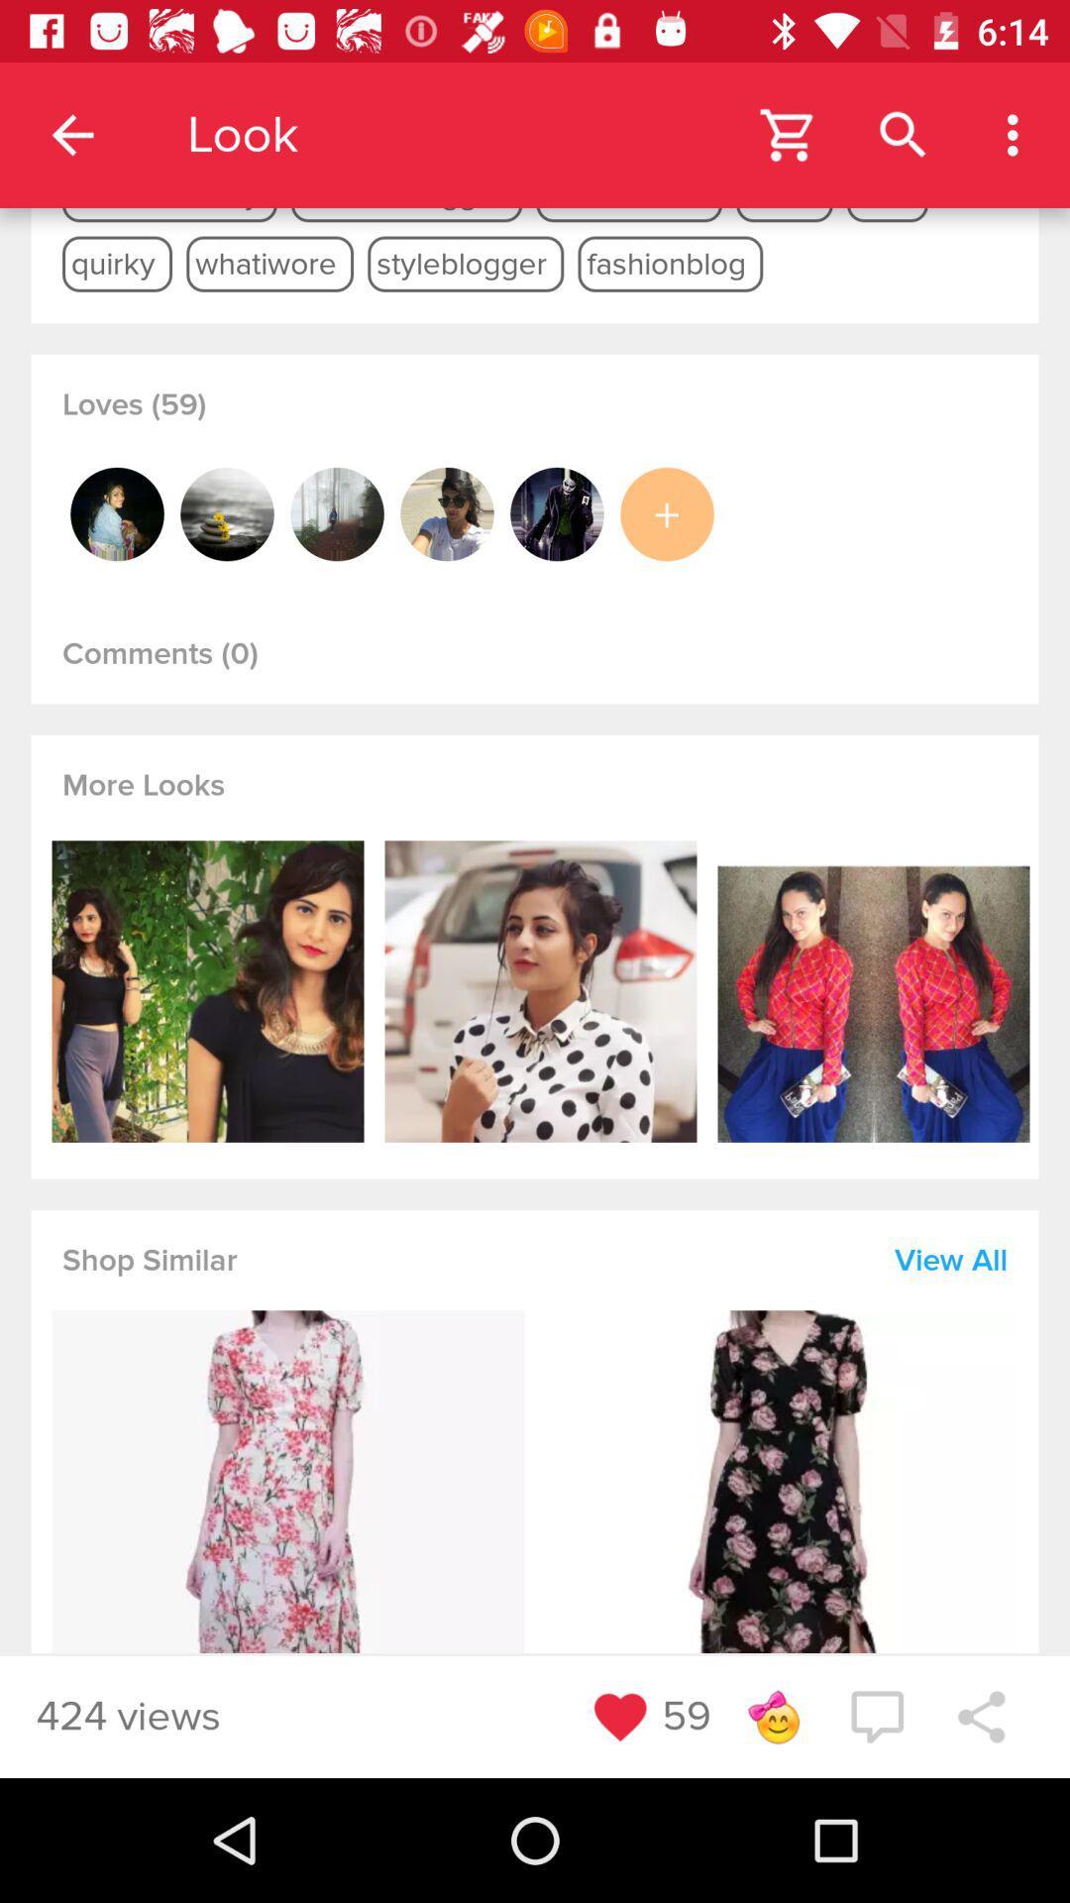 This screenshot has width=1070, height=1903. What do you see at coordinates (619, 1716) in the screenshot?
I see `the favorite icon` at bounding box center [619, 1716].